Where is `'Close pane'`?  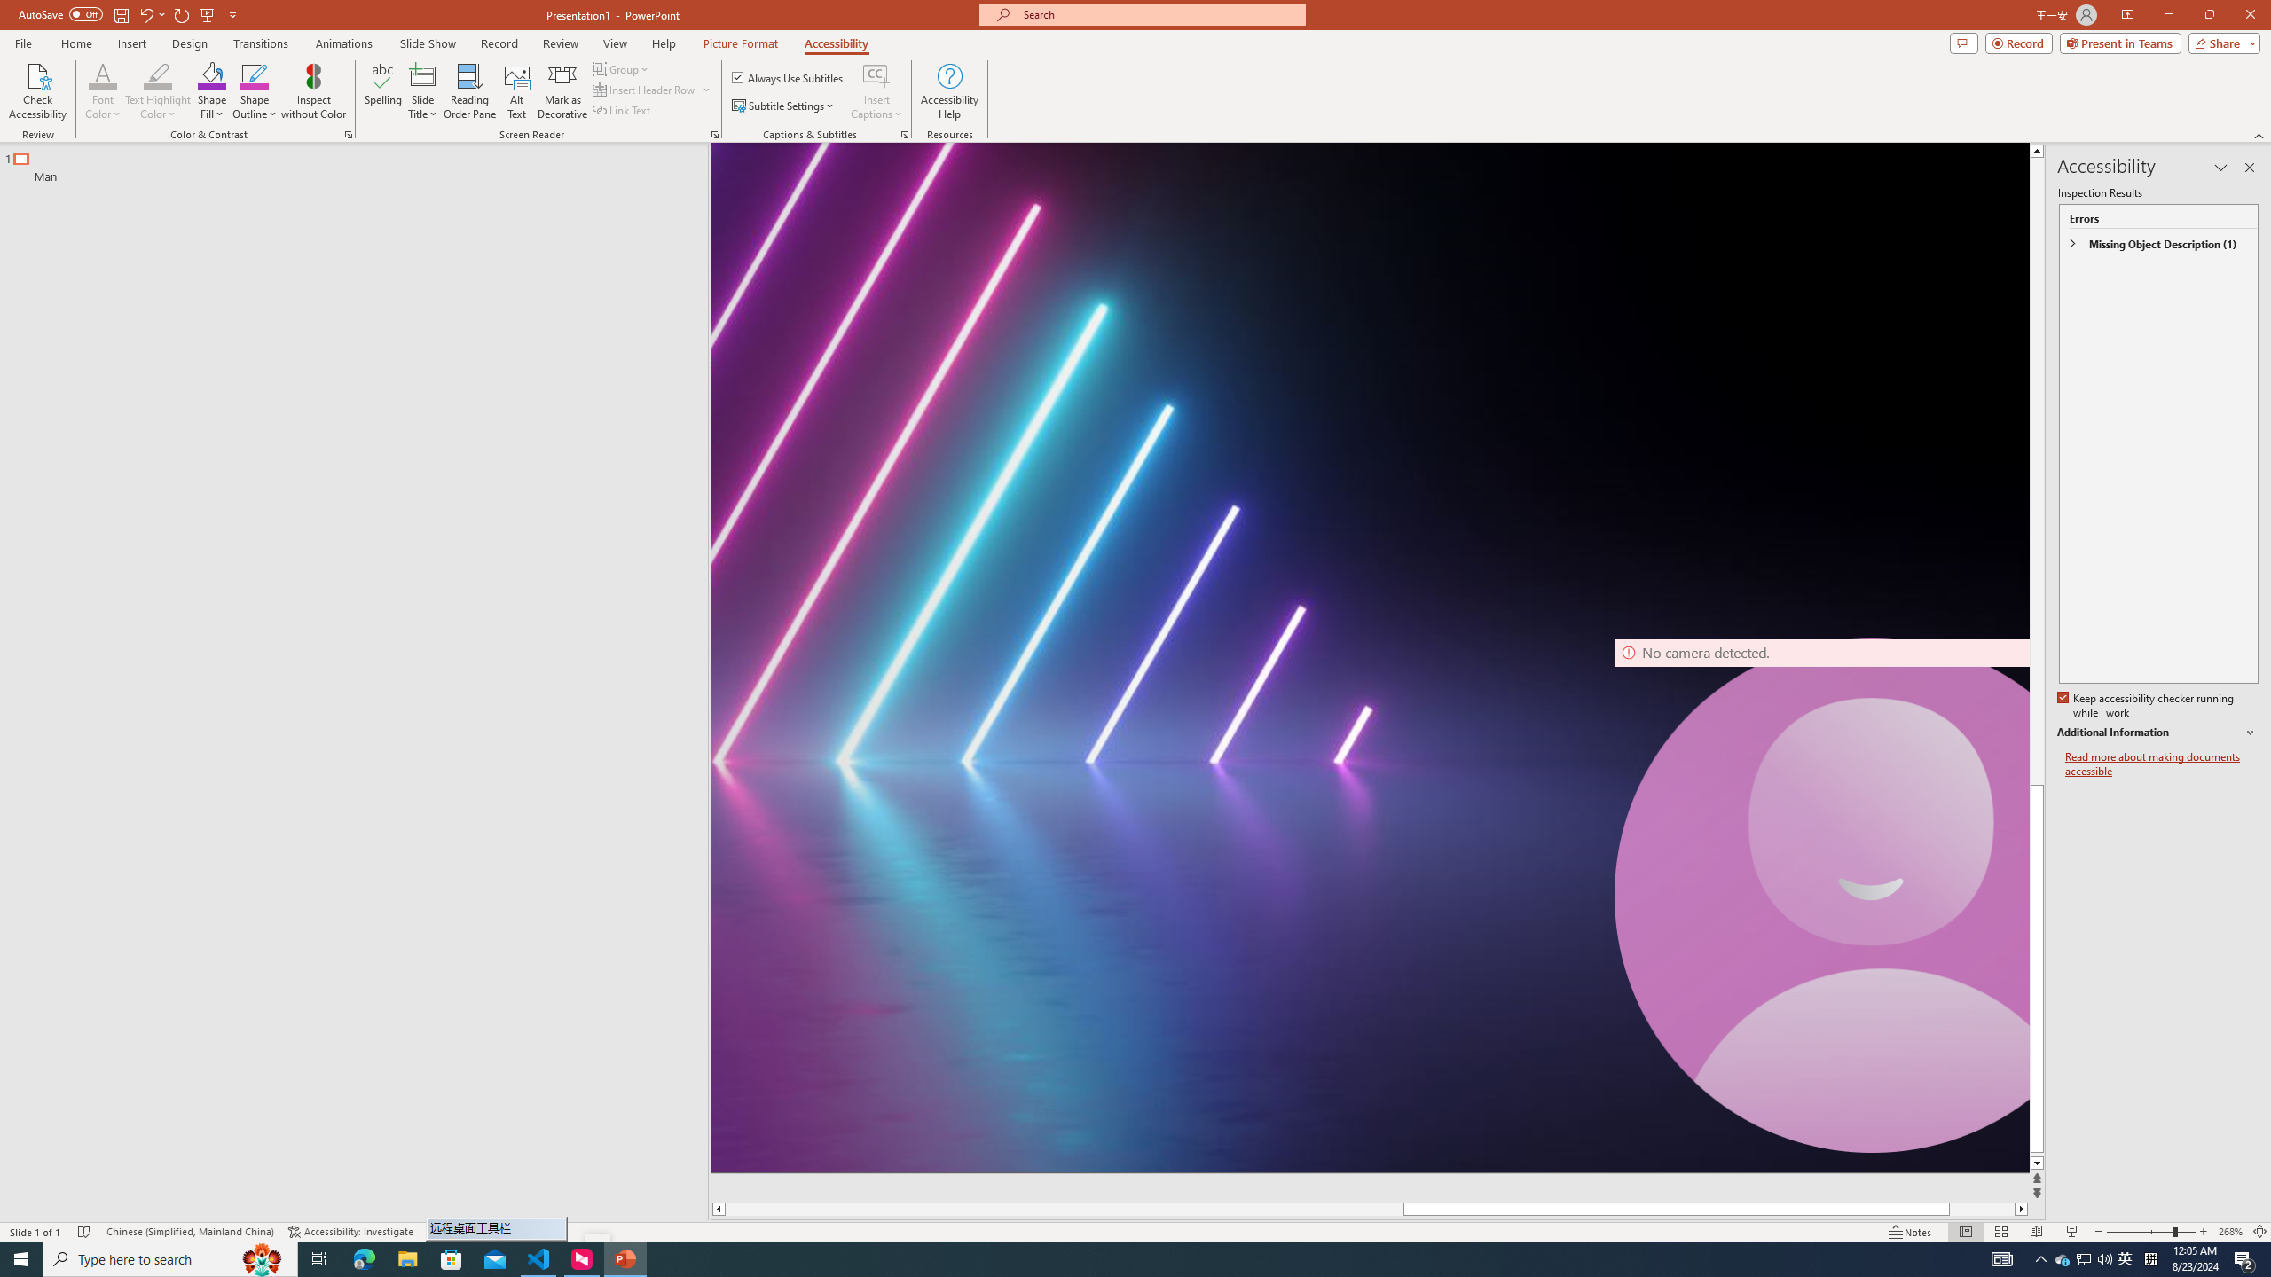
'Close pane' is located at coordinates (2249, 167).